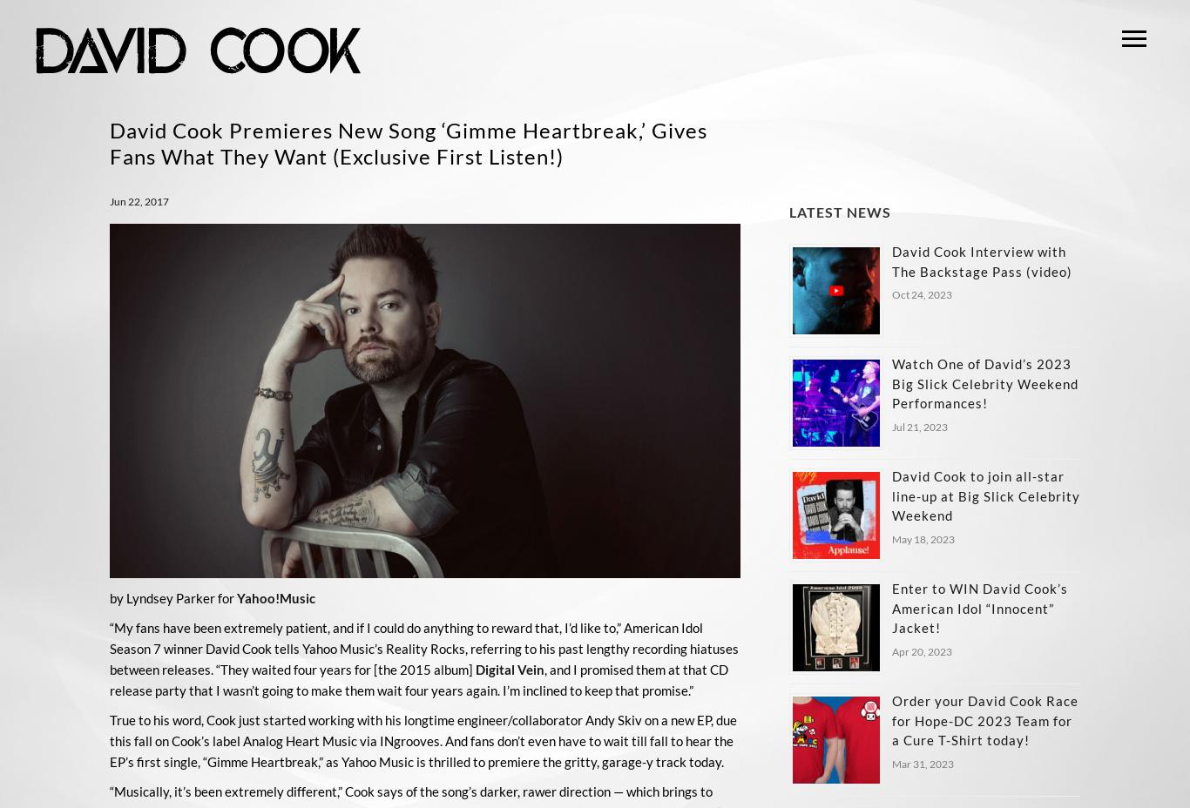 Image resolution: width=1190 pixels, height=808 pixels. What do you see at coordinates (984, 495) in the screenshot?
I see `'David Cook to join all-star line-up at Big Slick Celebrity Weekend'` at bounding box center [984, 495].